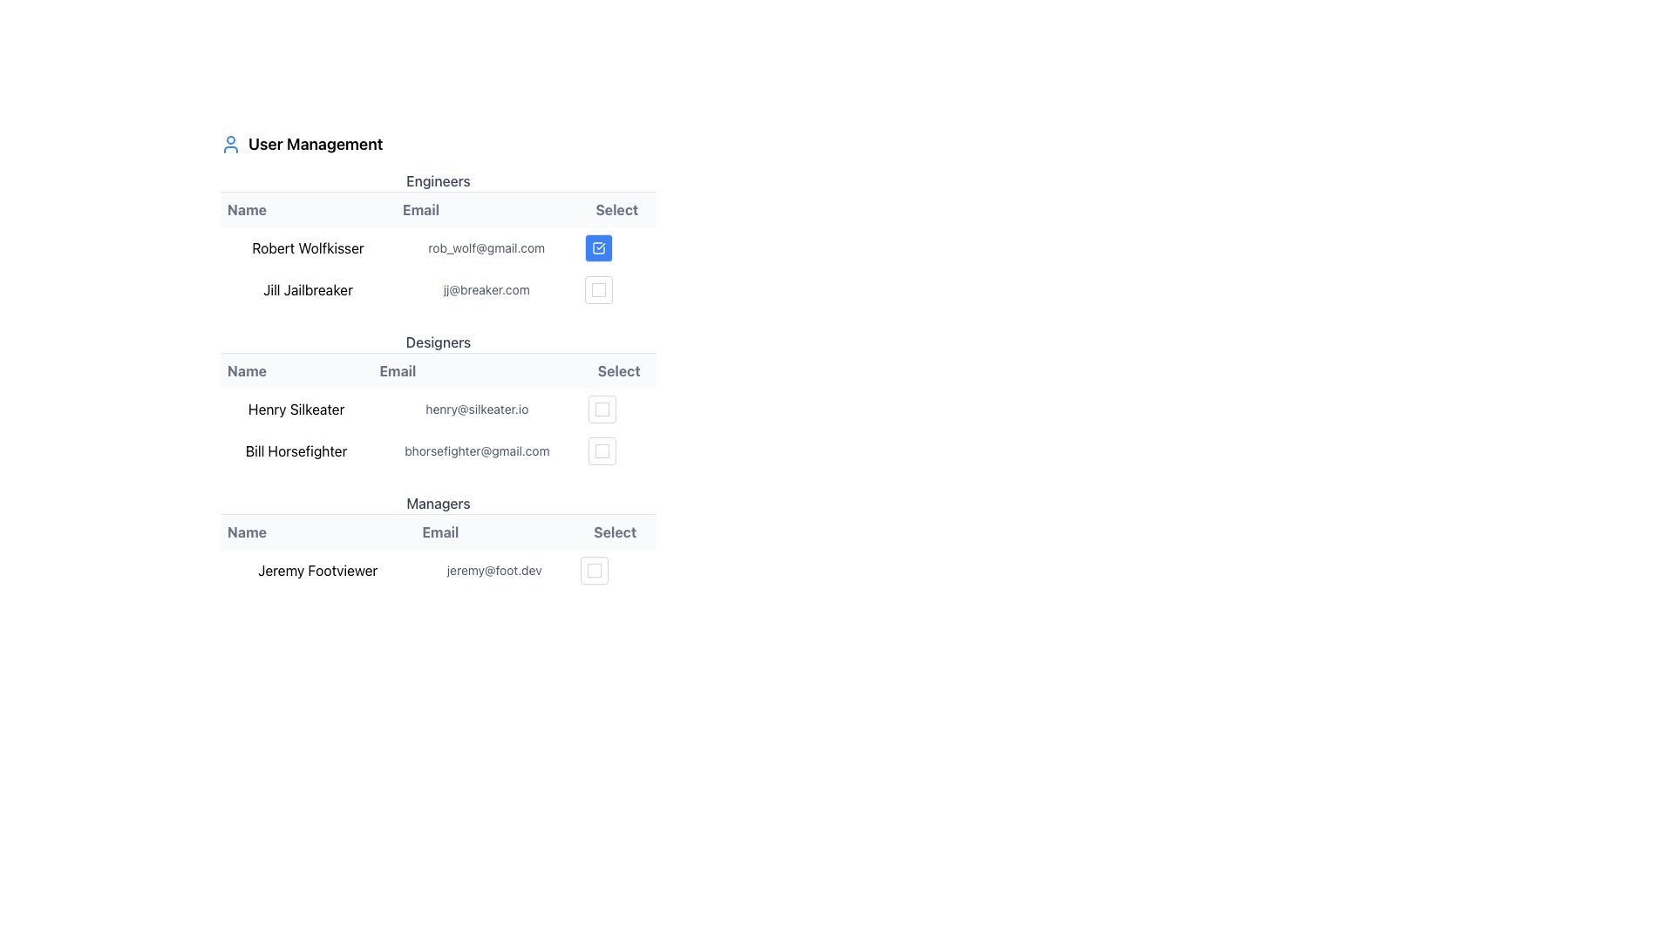 This screenshot has width=1674, height=941. What do you see at coordinates (616, 248) in the screenshot?
I see `the interactive button associated with 'Robert Wolfkisser' located in the 'Select' column of the first row under the 'Engineers' section` at bounding box center [616, 248].